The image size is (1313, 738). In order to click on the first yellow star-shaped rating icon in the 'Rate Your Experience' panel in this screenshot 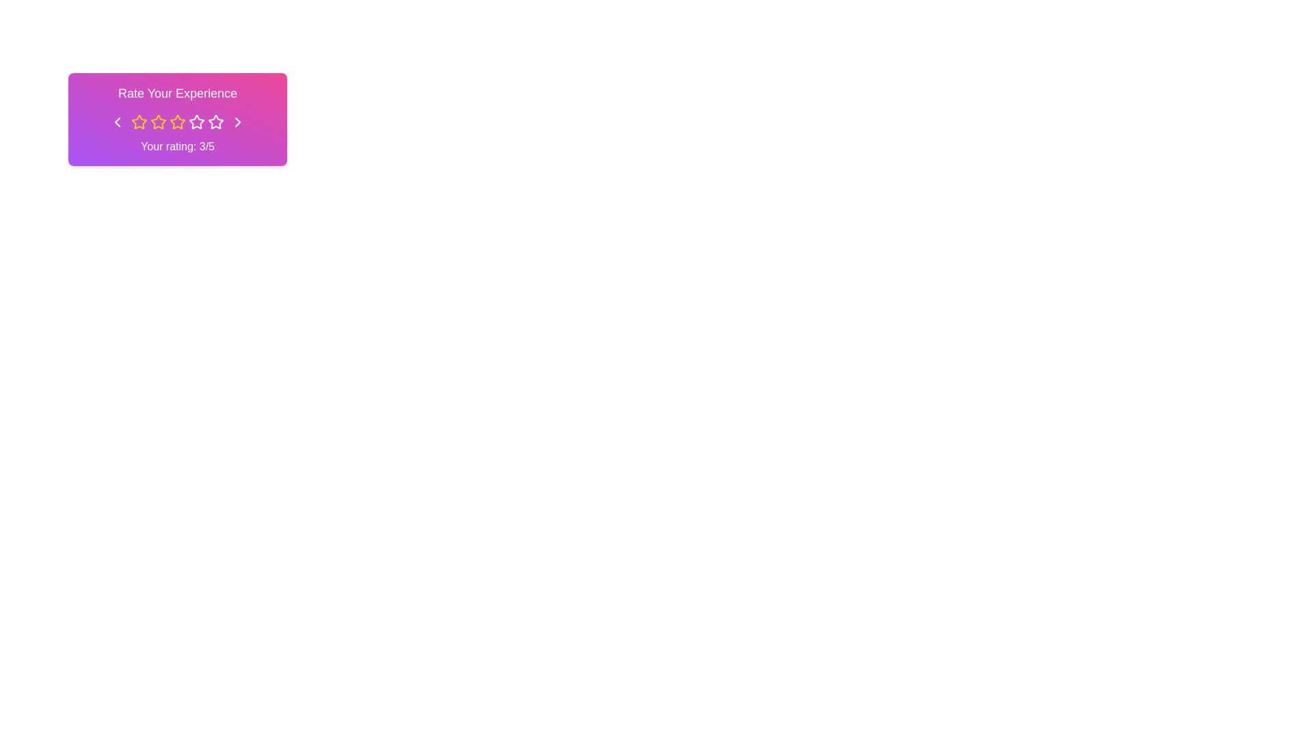, I will do `click(139, 121)`.